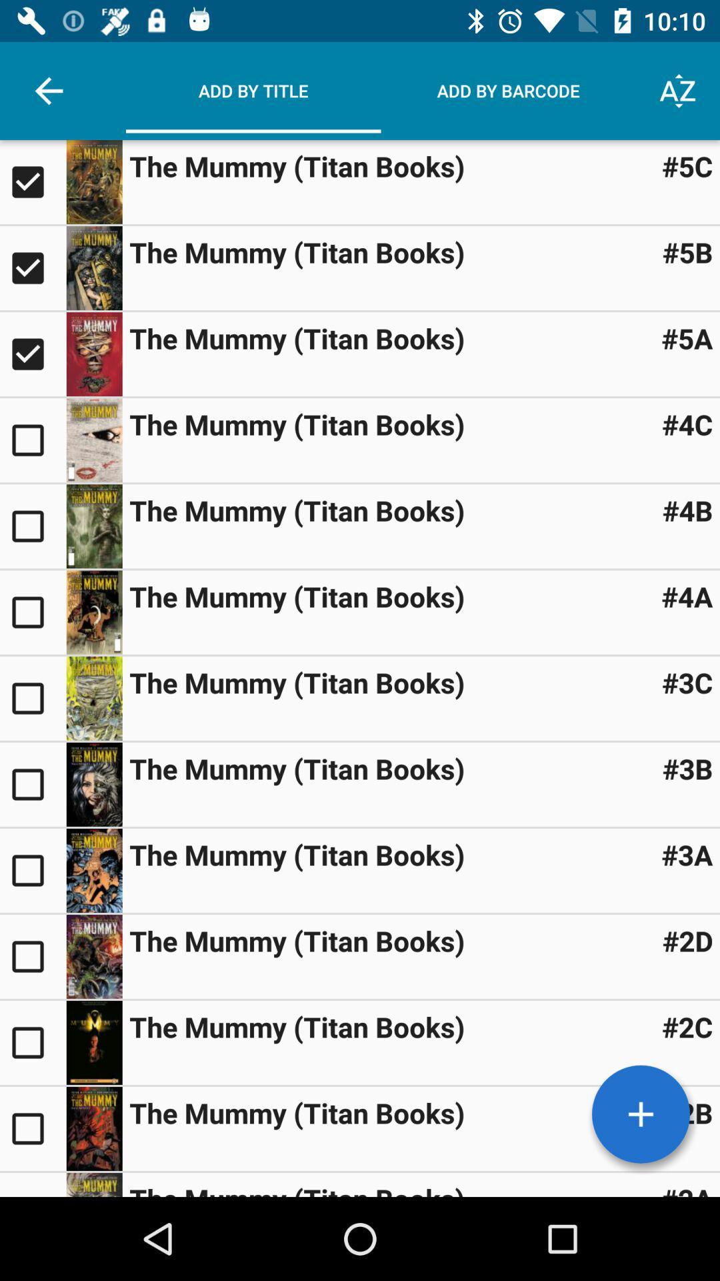  Describe the element at coordinates (93, 1185) in the screenshot. I see `click on thumbnail` at that location.